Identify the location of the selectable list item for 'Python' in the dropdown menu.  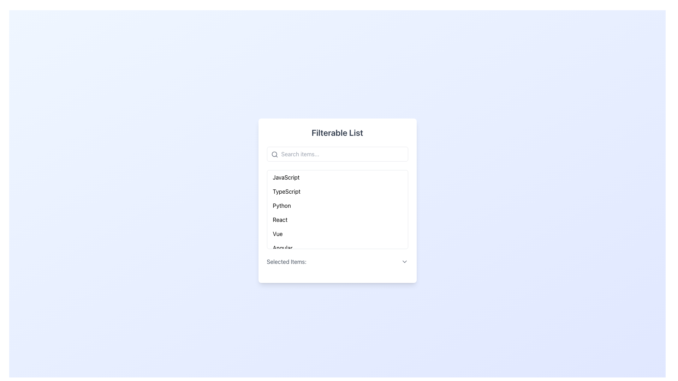
(281, 205).